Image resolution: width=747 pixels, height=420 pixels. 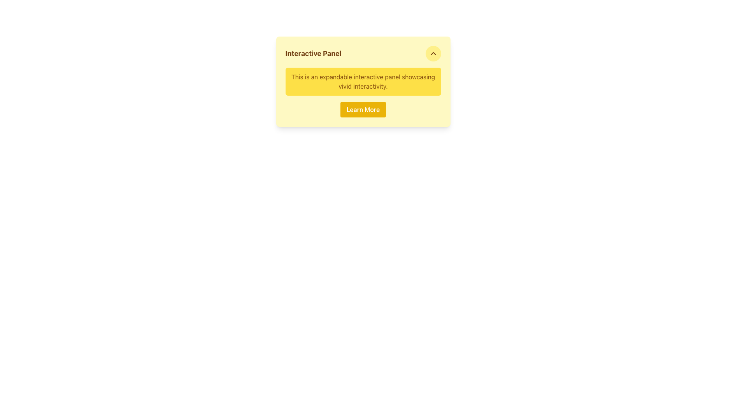 I want to click on the informational panel with a light yellow background that contains the text 'This is an expandable interactive panel showcasing vivid interactivity.', so click(x=363, y=81).